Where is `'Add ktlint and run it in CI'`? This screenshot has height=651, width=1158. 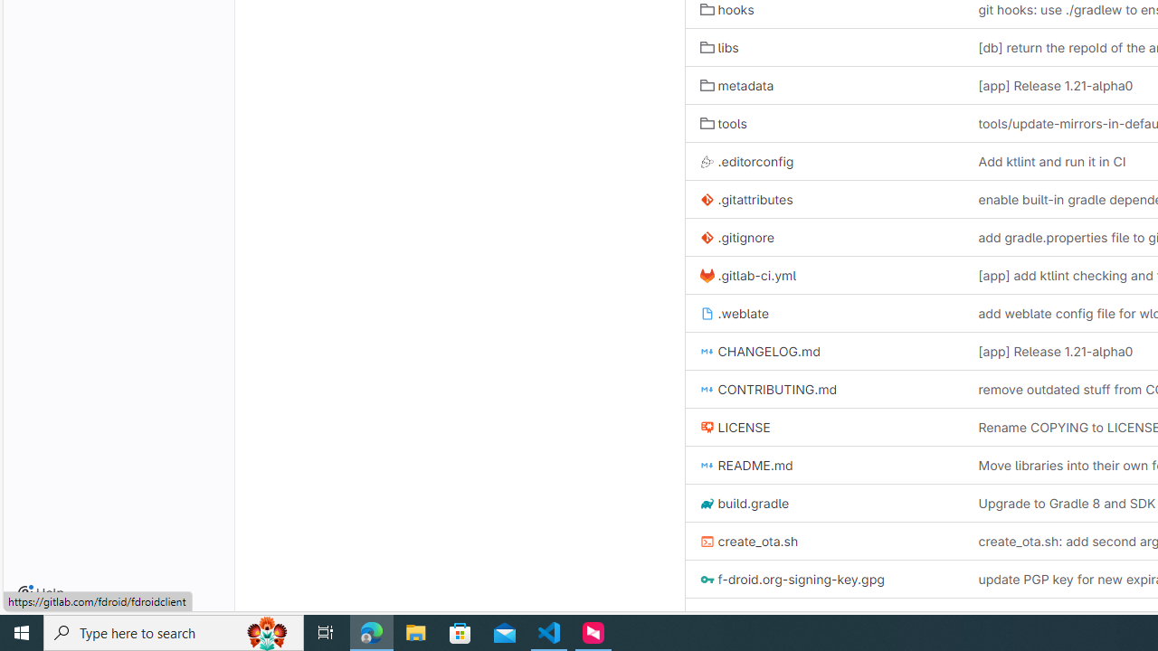
'Add ktlint and run it in CI' is located at coordinates (1052, 160).